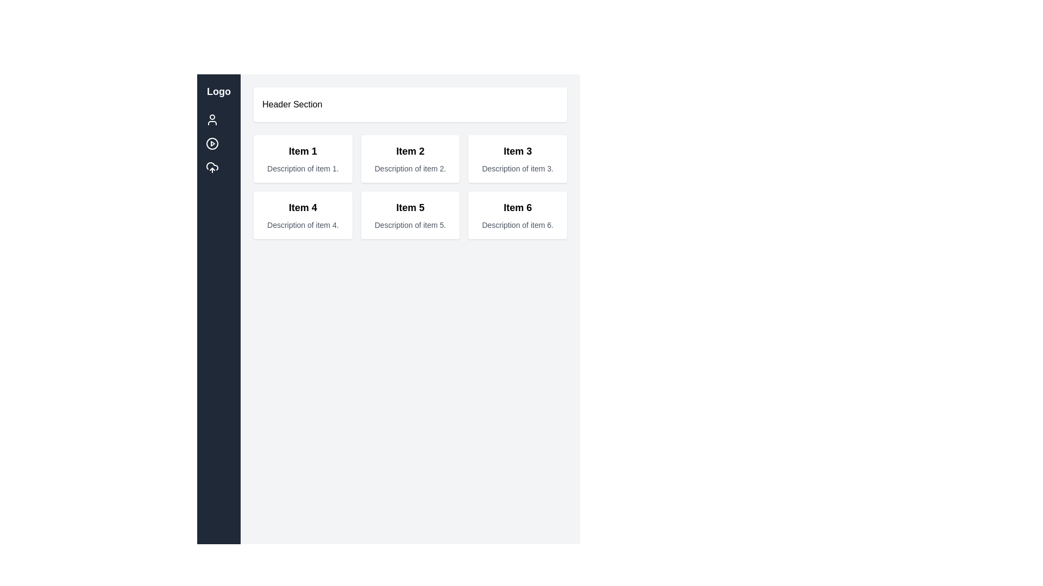 This screenshot has width=1043, height=586. I want to click on the Static content card displaying information related to 'Item 3', which is the third card in a grid layout located in the upper-right of the interface, so click(517, 159).